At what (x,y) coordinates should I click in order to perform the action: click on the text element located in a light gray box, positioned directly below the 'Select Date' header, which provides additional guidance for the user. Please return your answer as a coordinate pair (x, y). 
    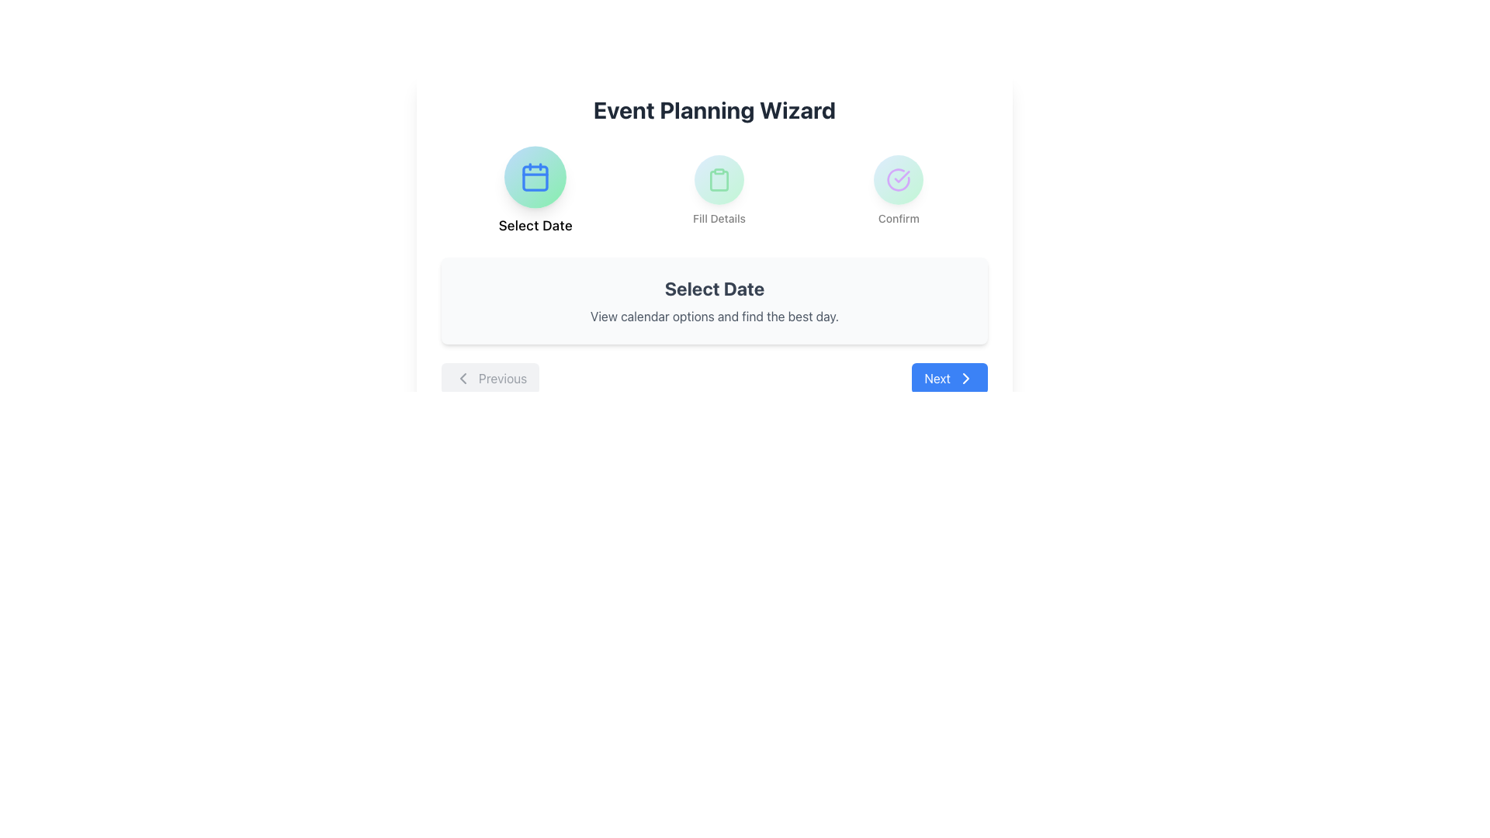
    Looking at the image, I should click on (714, 316).